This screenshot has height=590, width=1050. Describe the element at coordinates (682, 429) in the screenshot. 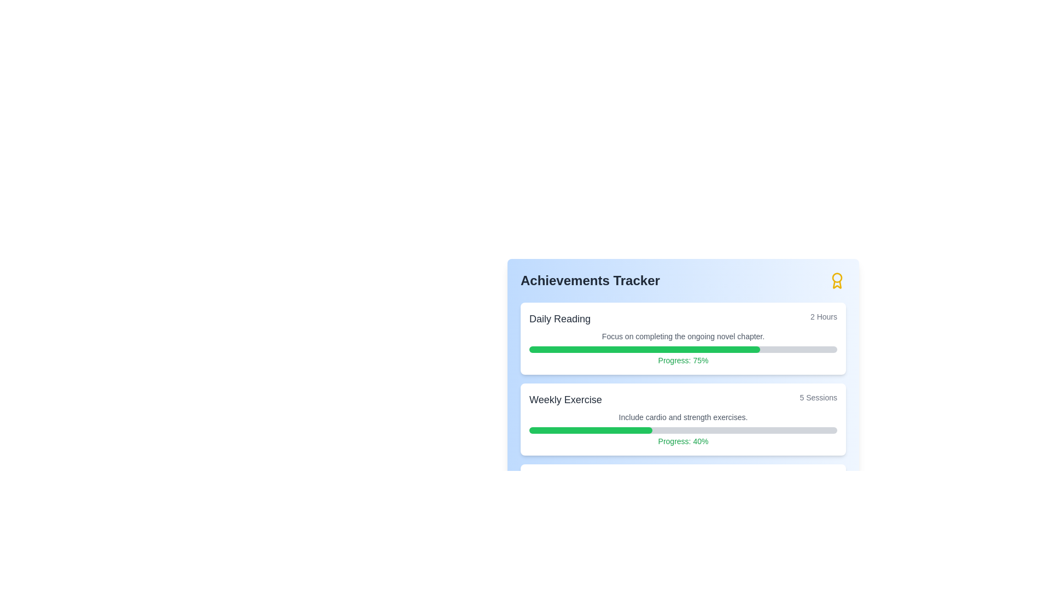

I see `the horizontal progress bar located at the lower section of the 'Weekly Exercise' card, which shows a green section for progress and a gray section for the remaining portion` at that location.